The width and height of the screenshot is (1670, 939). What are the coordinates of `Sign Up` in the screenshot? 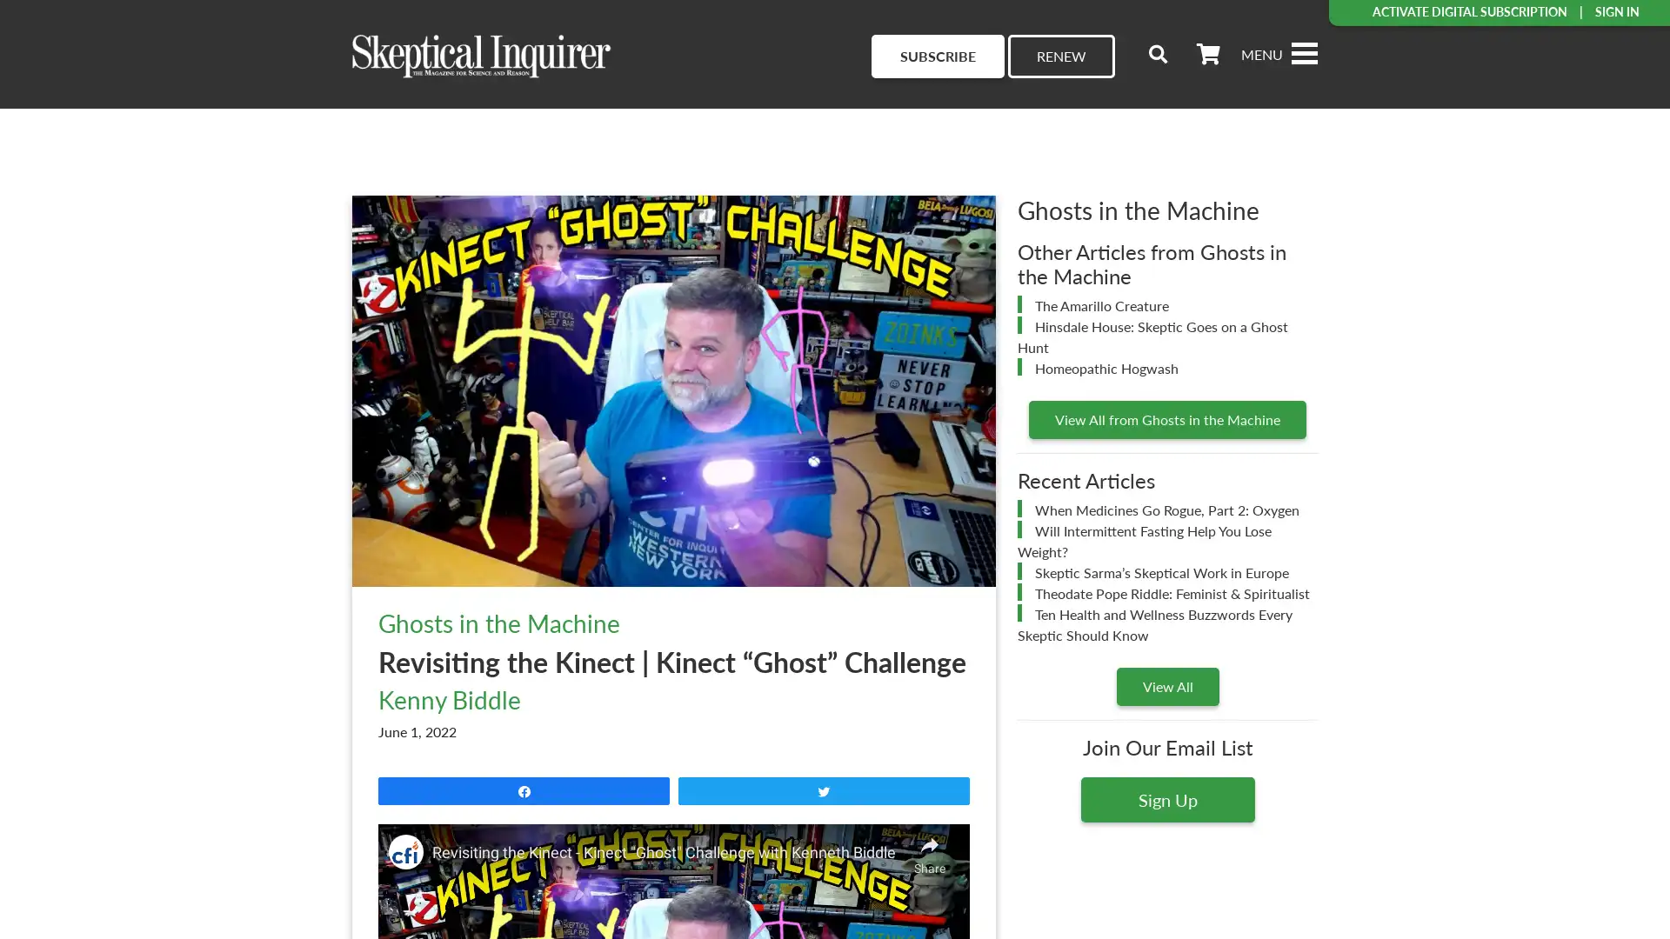 It's located at (1167, 798).